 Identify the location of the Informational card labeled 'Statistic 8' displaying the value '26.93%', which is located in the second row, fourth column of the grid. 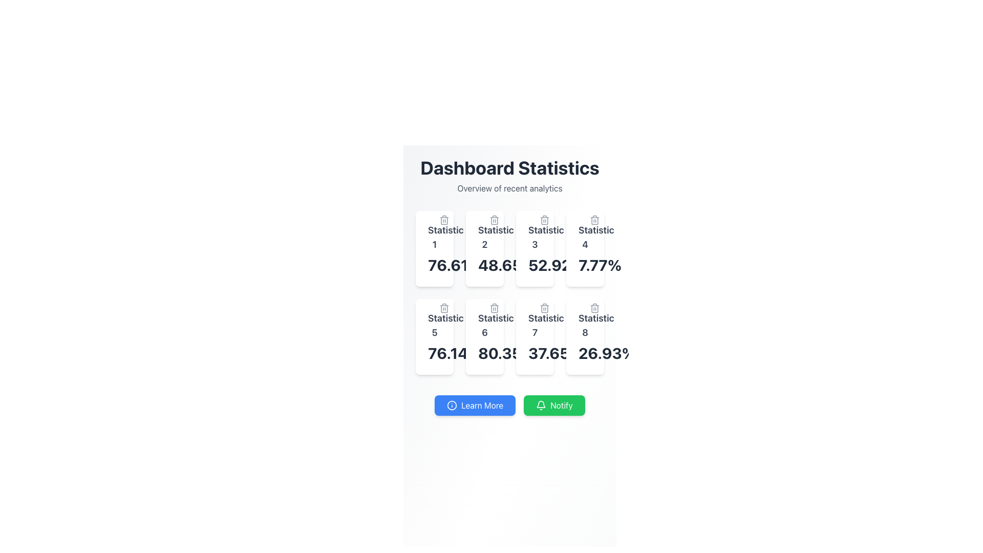
(585, 337).